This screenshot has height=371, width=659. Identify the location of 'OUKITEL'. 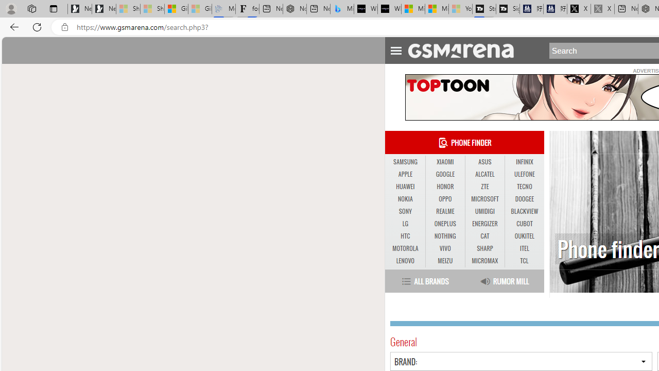
(524, 236).